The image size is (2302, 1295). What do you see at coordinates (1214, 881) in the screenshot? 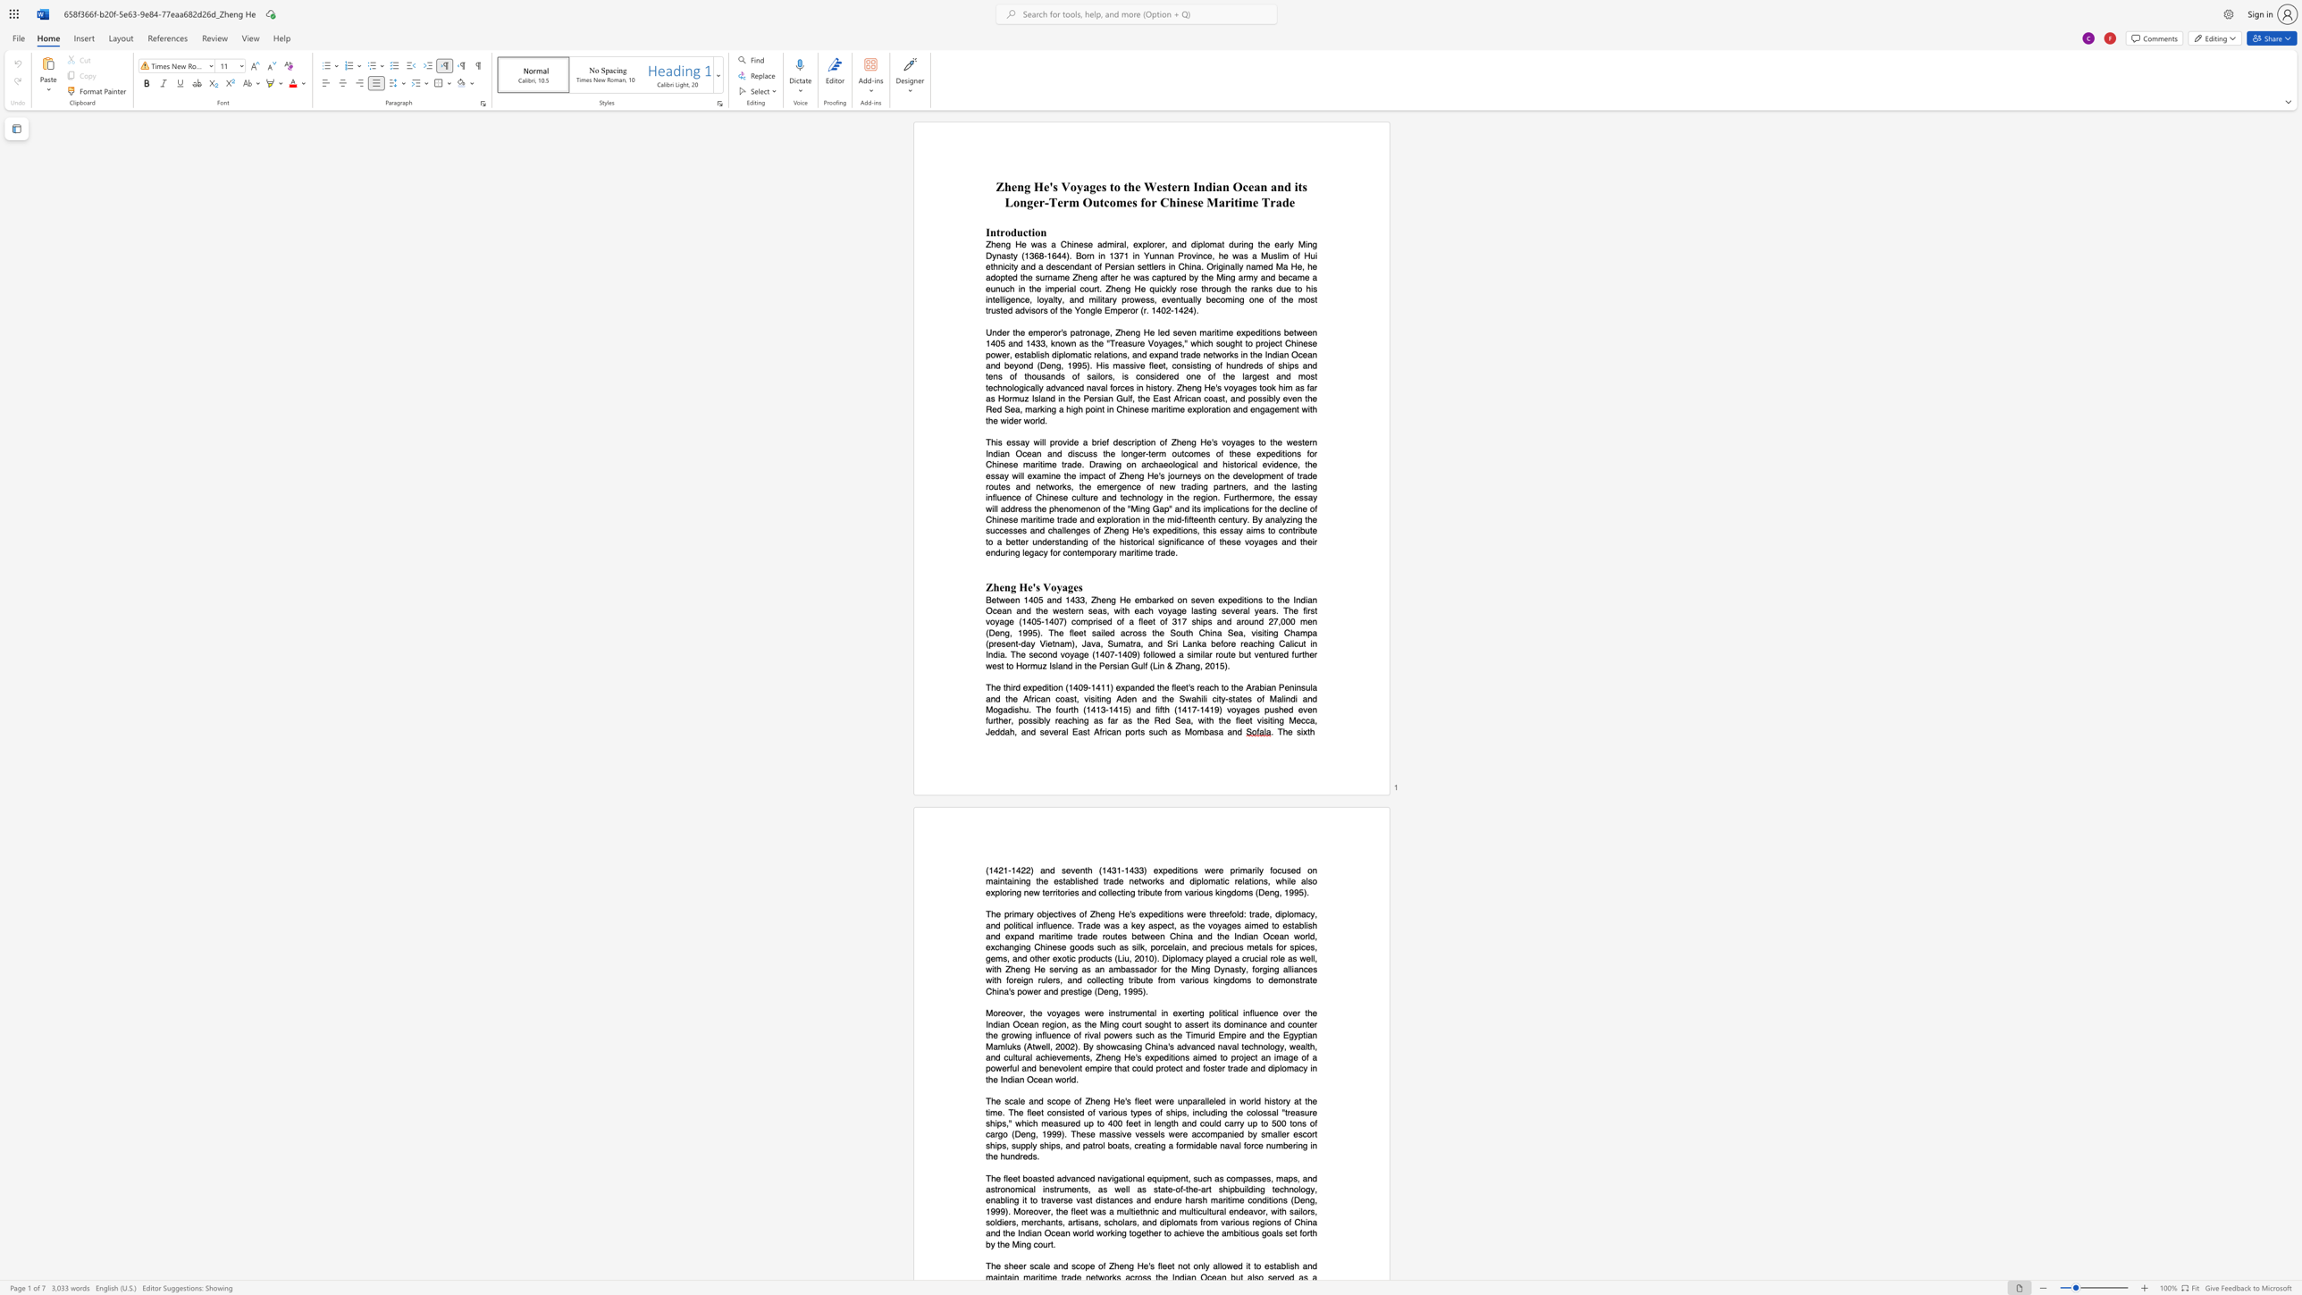
I see `the space between the continuous character "m" and "a" in the text` at bounding box center [1214, 881].